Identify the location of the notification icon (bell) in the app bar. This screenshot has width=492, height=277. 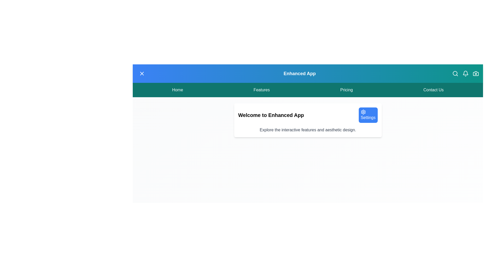
(466, 73).